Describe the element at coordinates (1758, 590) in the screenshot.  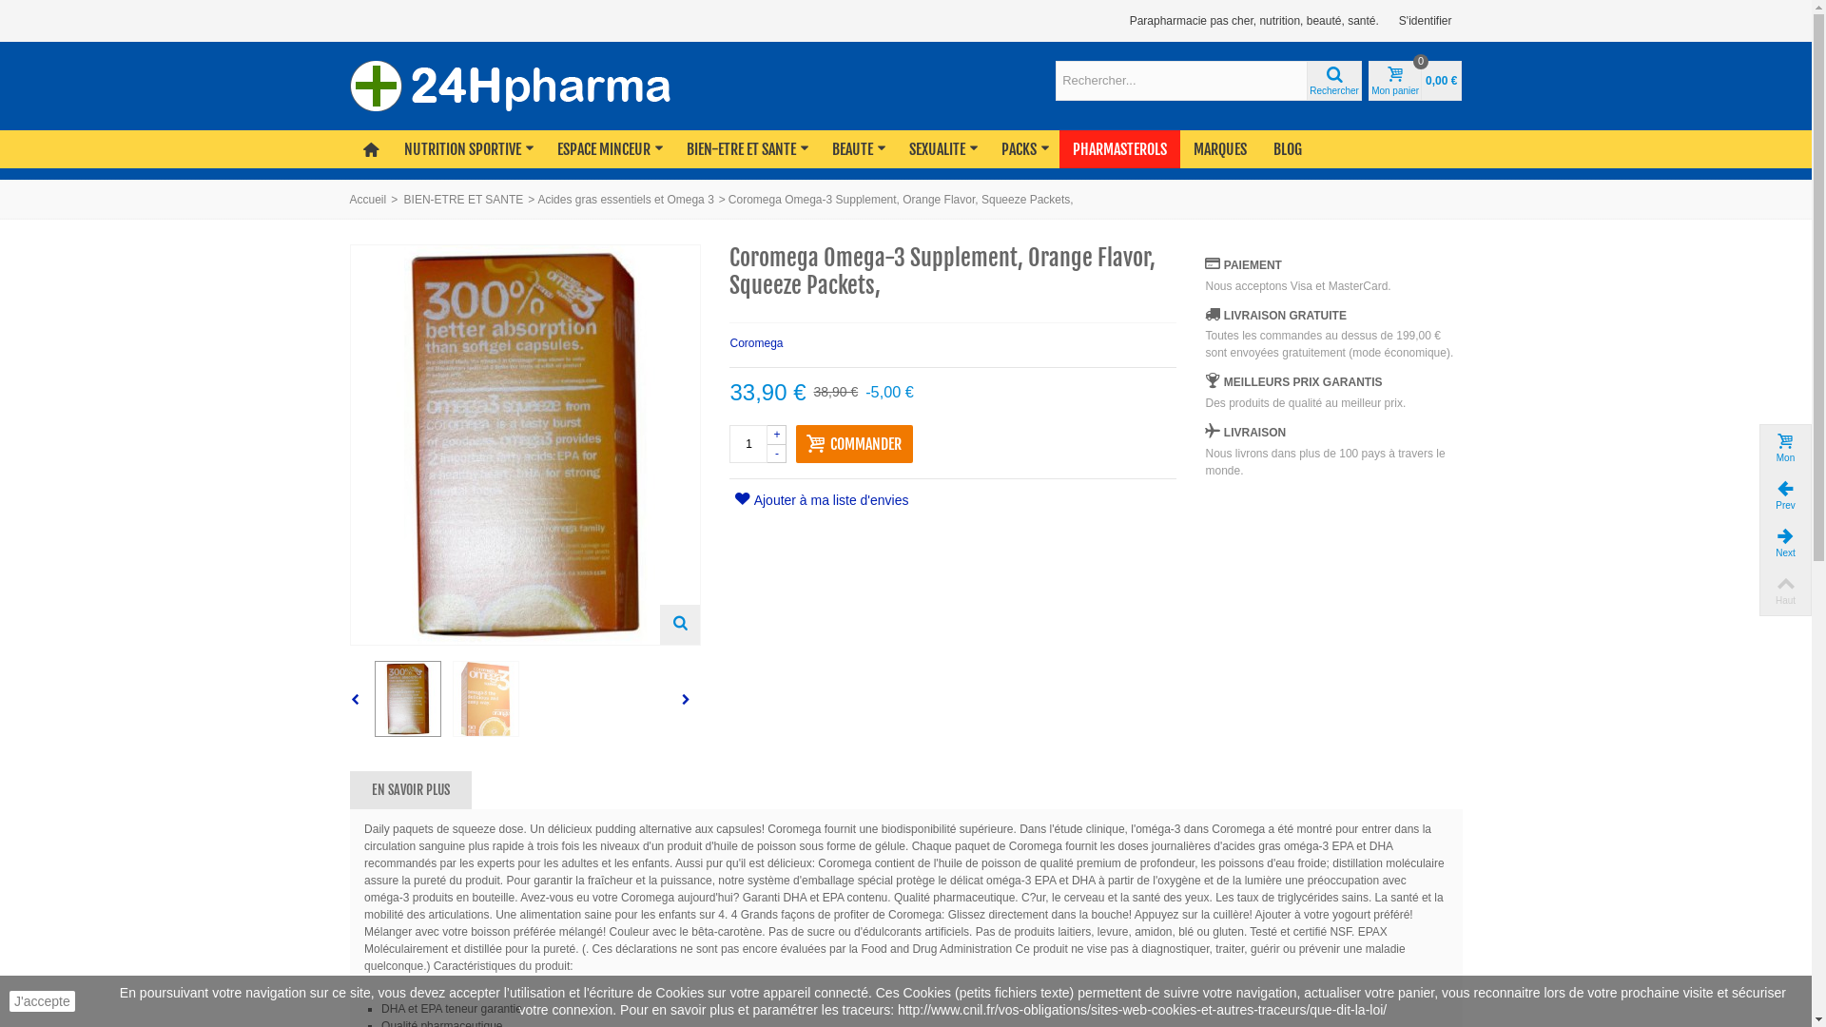
I see `'Haut'` at that location.